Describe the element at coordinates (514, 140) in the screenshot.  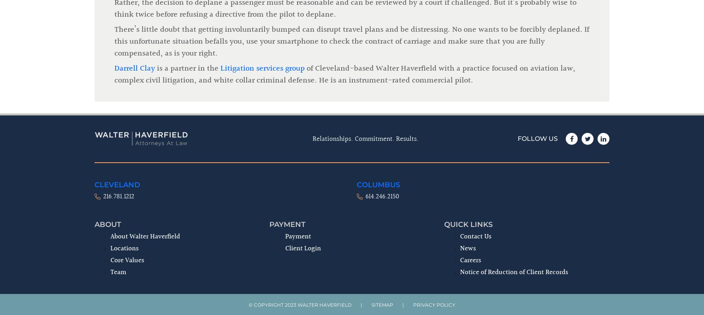
I see `'Notice of Reduction of Client Records'` at that location.